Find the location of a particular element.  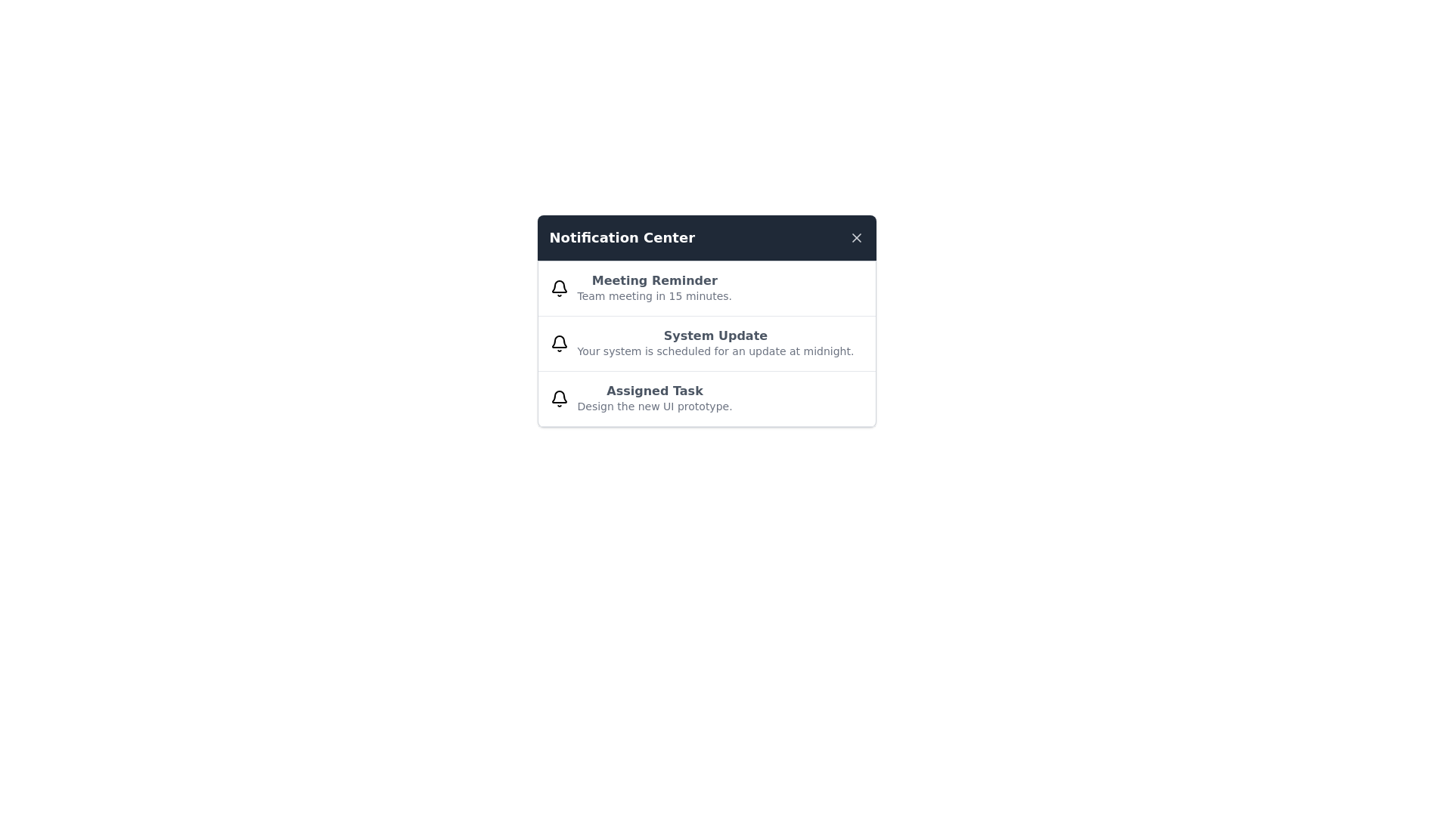

the 'Assigned Task' text block in the Notification Center to focus on it is located at coordinates (655, 398).